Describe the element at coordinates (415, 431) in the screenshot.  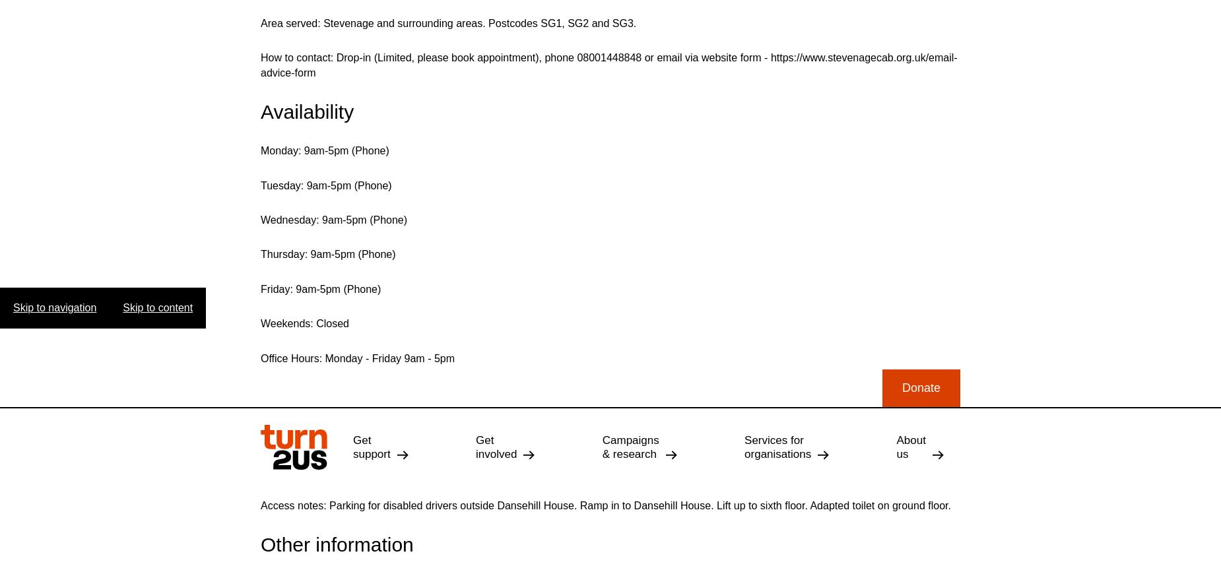
I see `'eNewsletter'` at that location.